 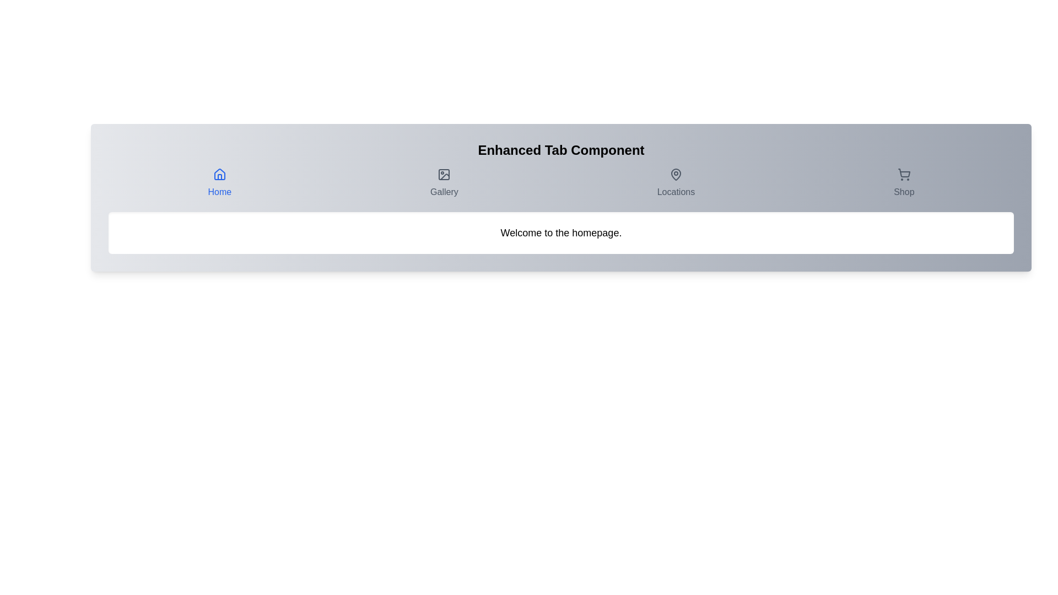 What do you see at coordinates (675, 174) in the screenshot?
I see `the 'Locations' icon in the navigation bar` at bounding box center [675, 174].